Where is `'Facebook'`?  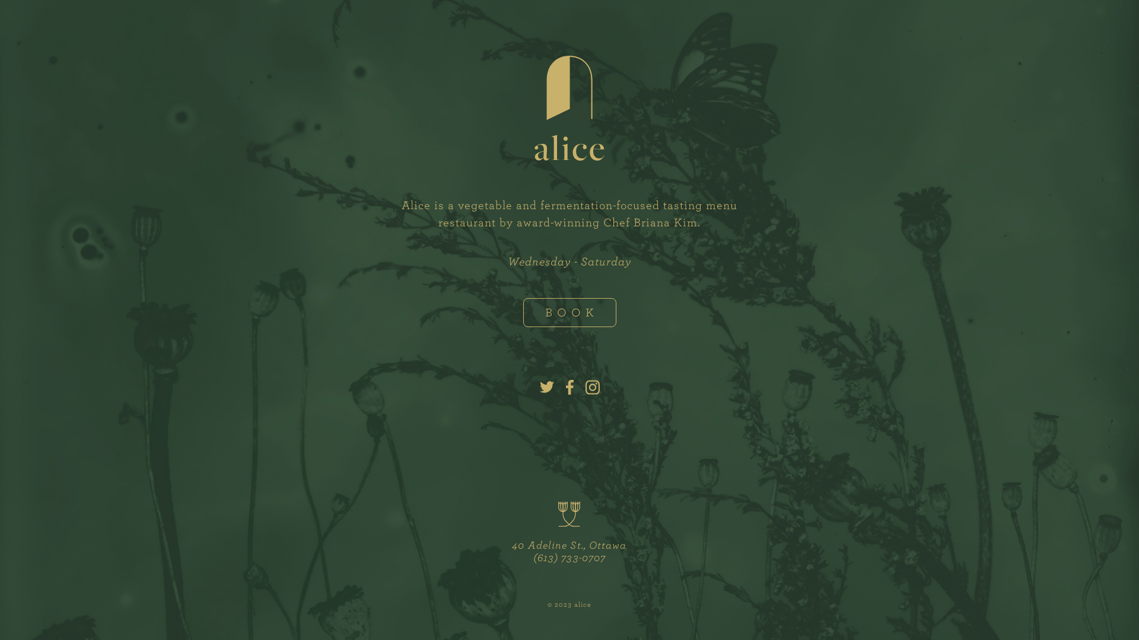 'Facebook' is located at coordinates (569, 388).